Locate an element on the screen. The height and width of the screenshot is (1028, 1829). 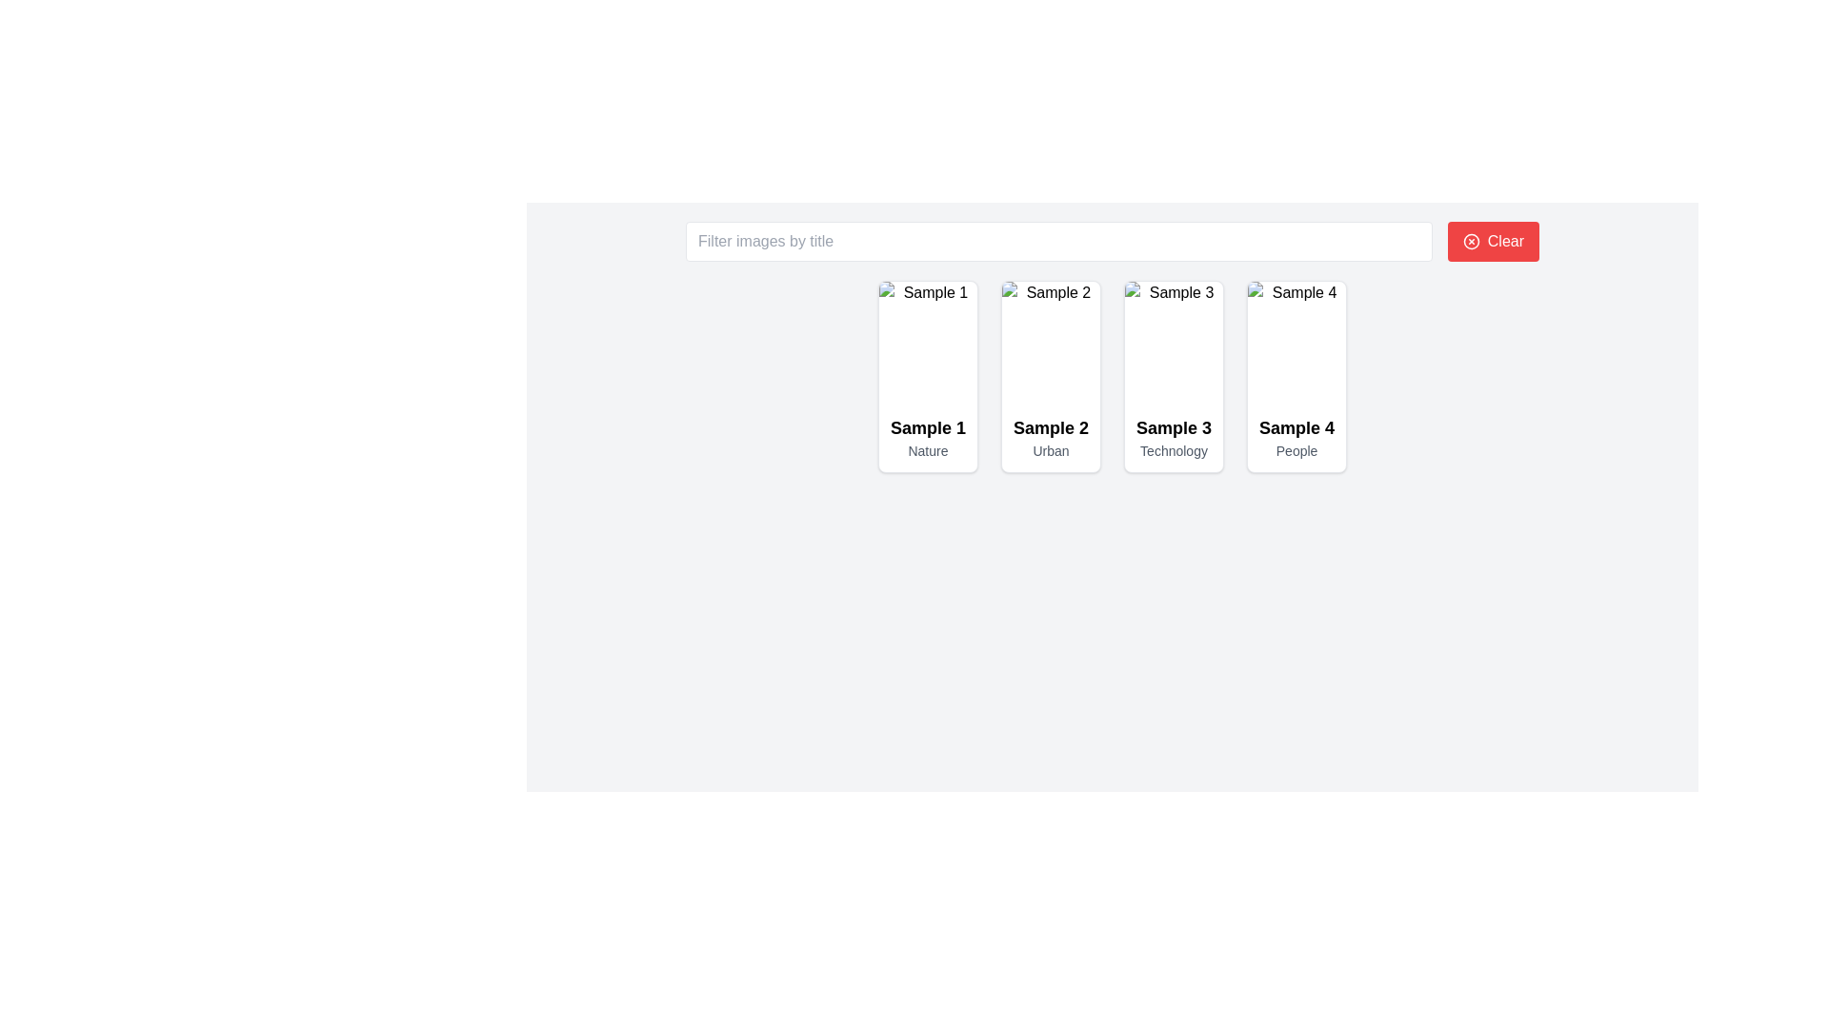
static text label that categorizes the content of the card as 'Technology', located below 'Sample 3' in the third column of the card list is located at coordinates (1173, 451).